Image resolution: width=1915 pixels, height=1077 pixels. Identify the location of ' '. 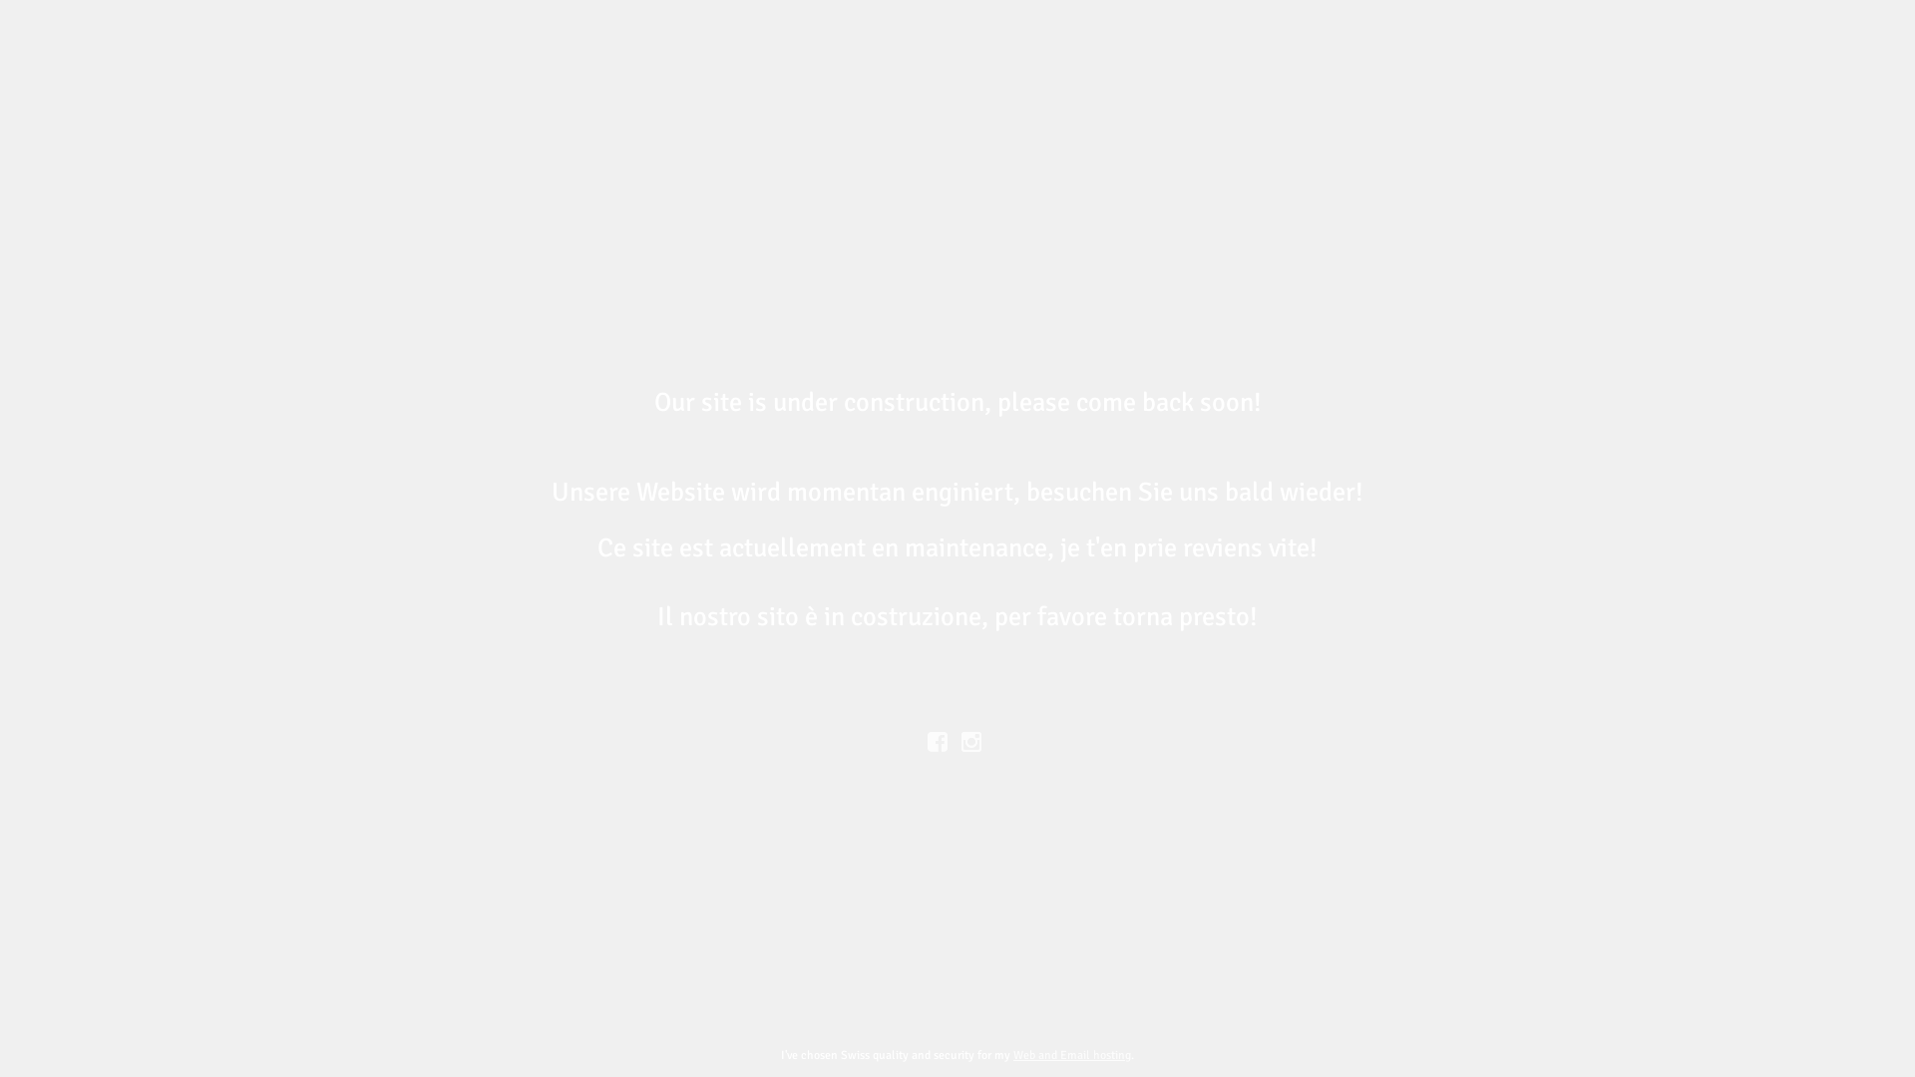
(974, 741).